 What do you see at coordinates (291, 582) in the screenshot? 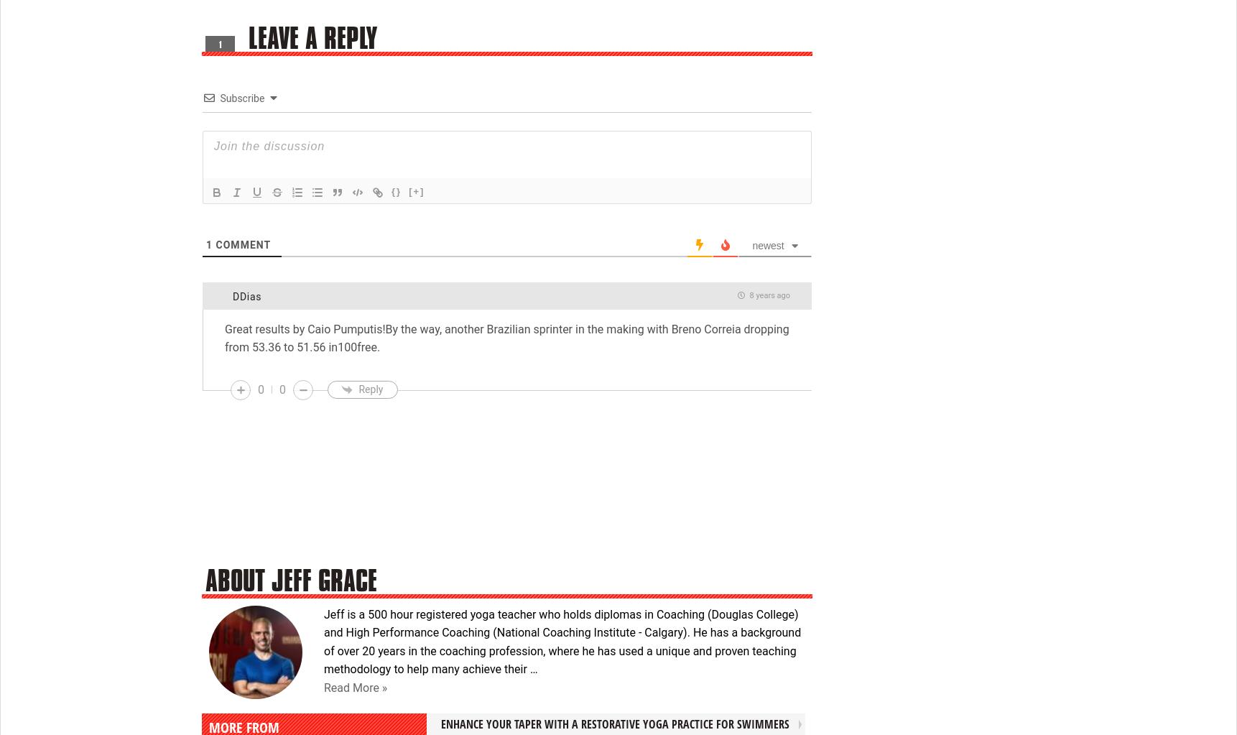
I see `'About Jeff Grace'` at bounding box center [291, 582].